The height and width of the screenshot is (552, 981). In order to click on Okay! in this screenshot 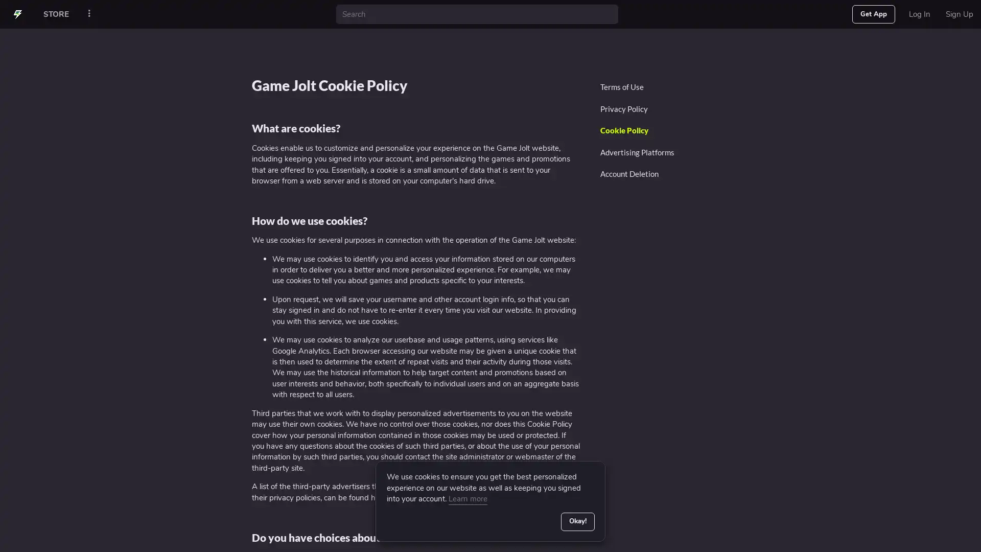, I will do `click(577, 521)`.